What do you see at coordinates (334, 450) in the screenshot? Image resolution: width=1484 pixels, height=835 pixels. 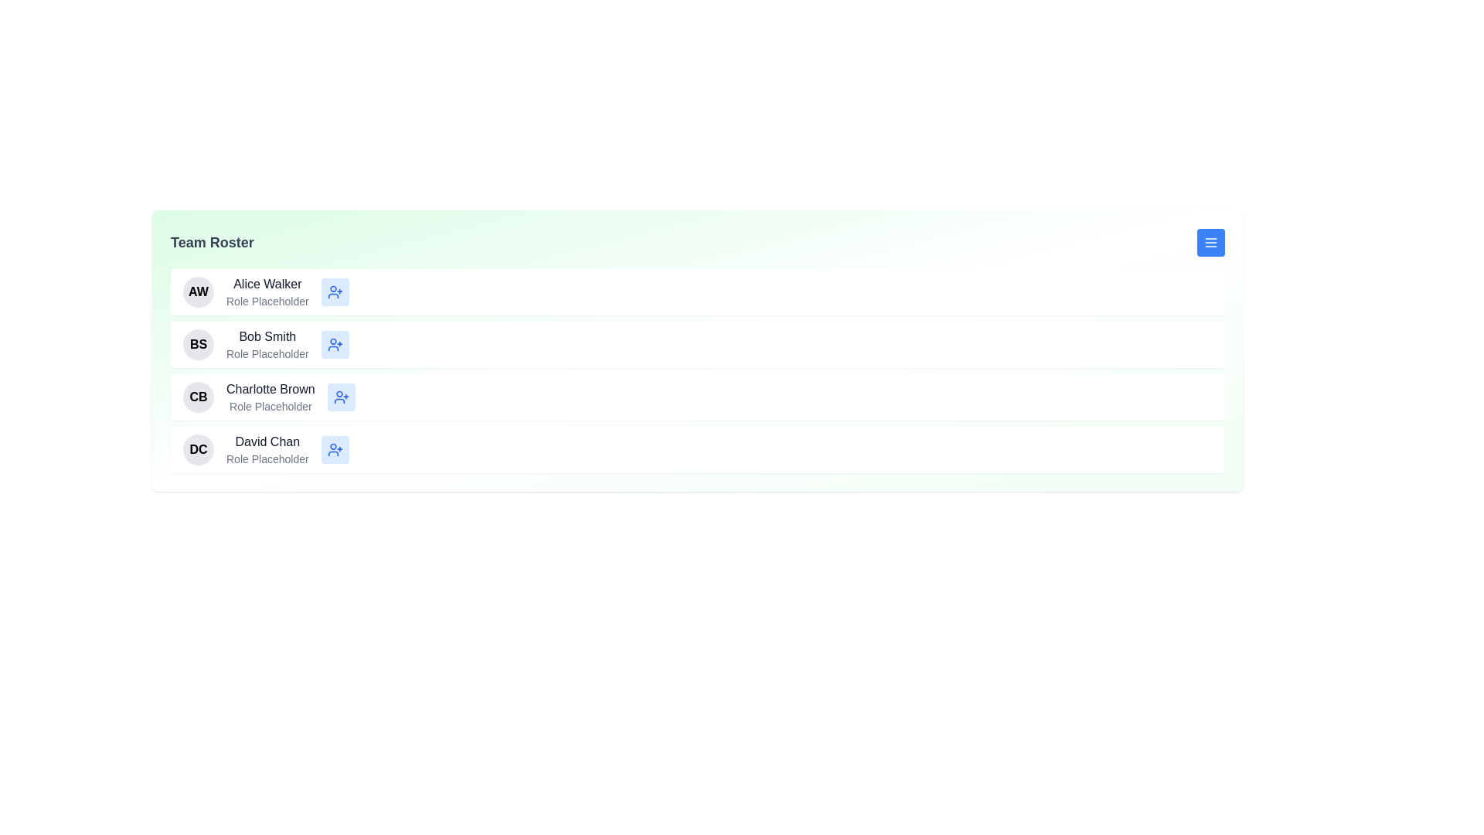 I see `the actionable button for adding or inviting a user related to the 'David Chan' entry in the list` at bounding box center [334, 450].